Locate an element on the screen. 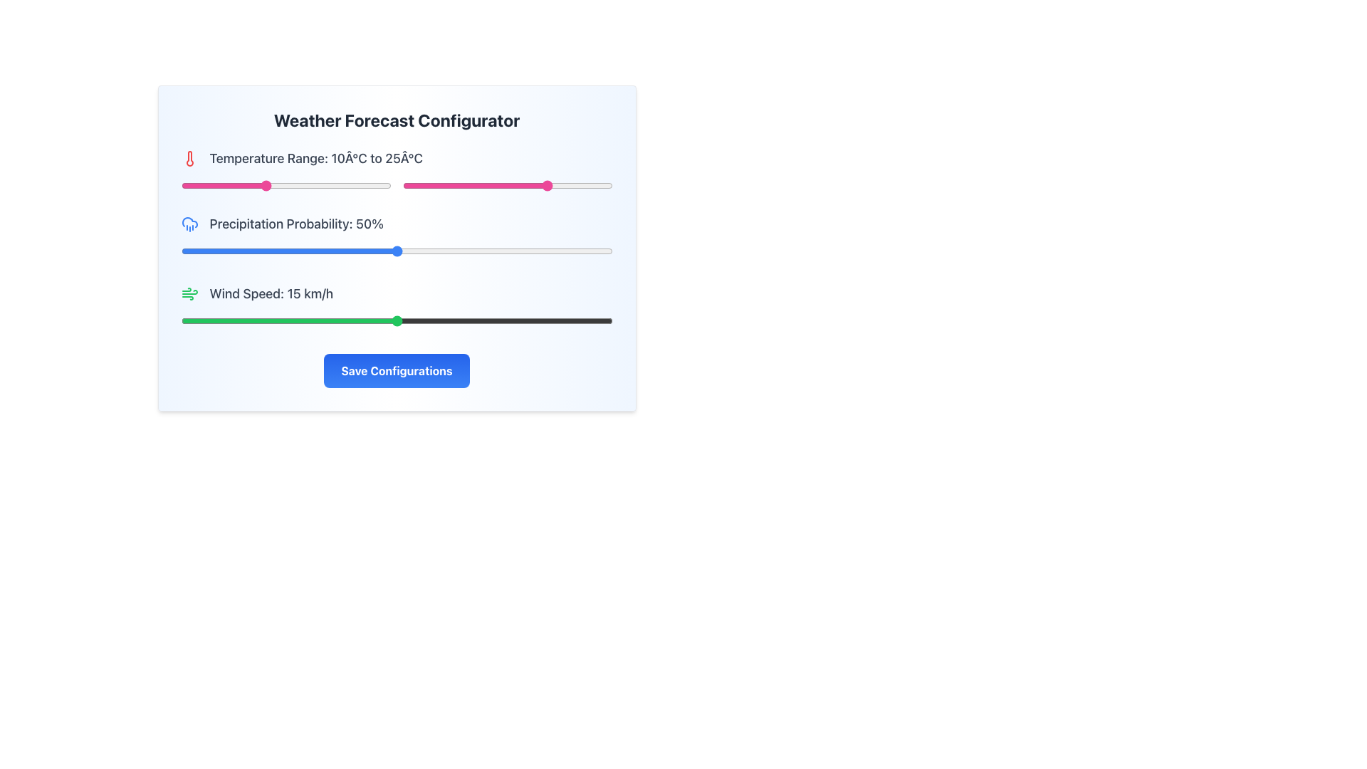  the precipitation probability is located at coordinates (521, 251).